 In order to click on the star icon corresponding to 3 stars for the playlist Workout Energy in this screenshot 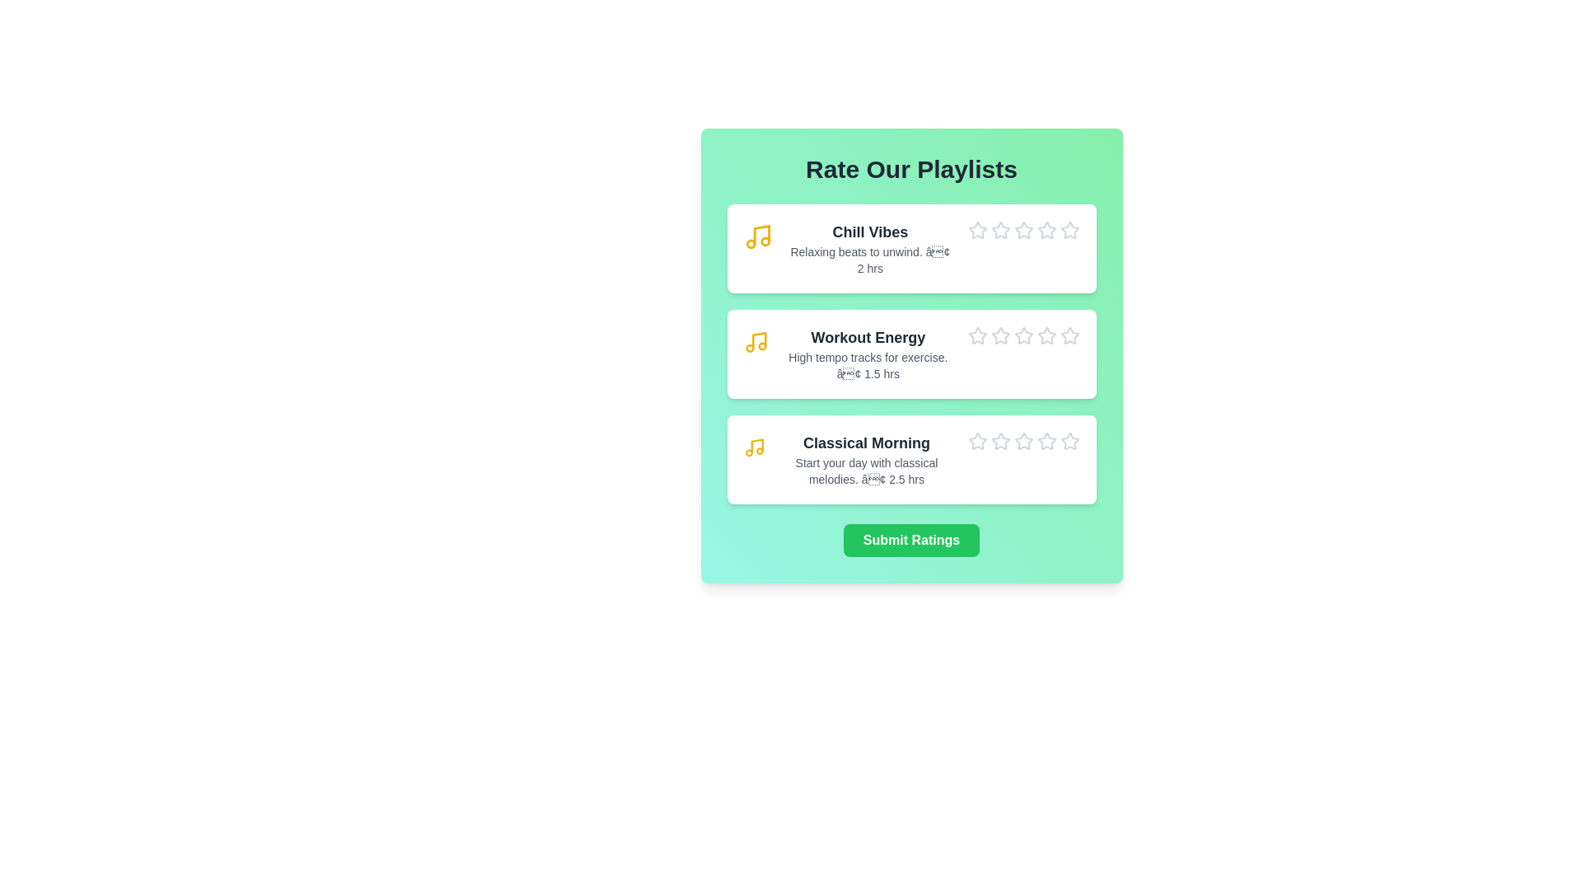, I will do `click(1013, 326)`.